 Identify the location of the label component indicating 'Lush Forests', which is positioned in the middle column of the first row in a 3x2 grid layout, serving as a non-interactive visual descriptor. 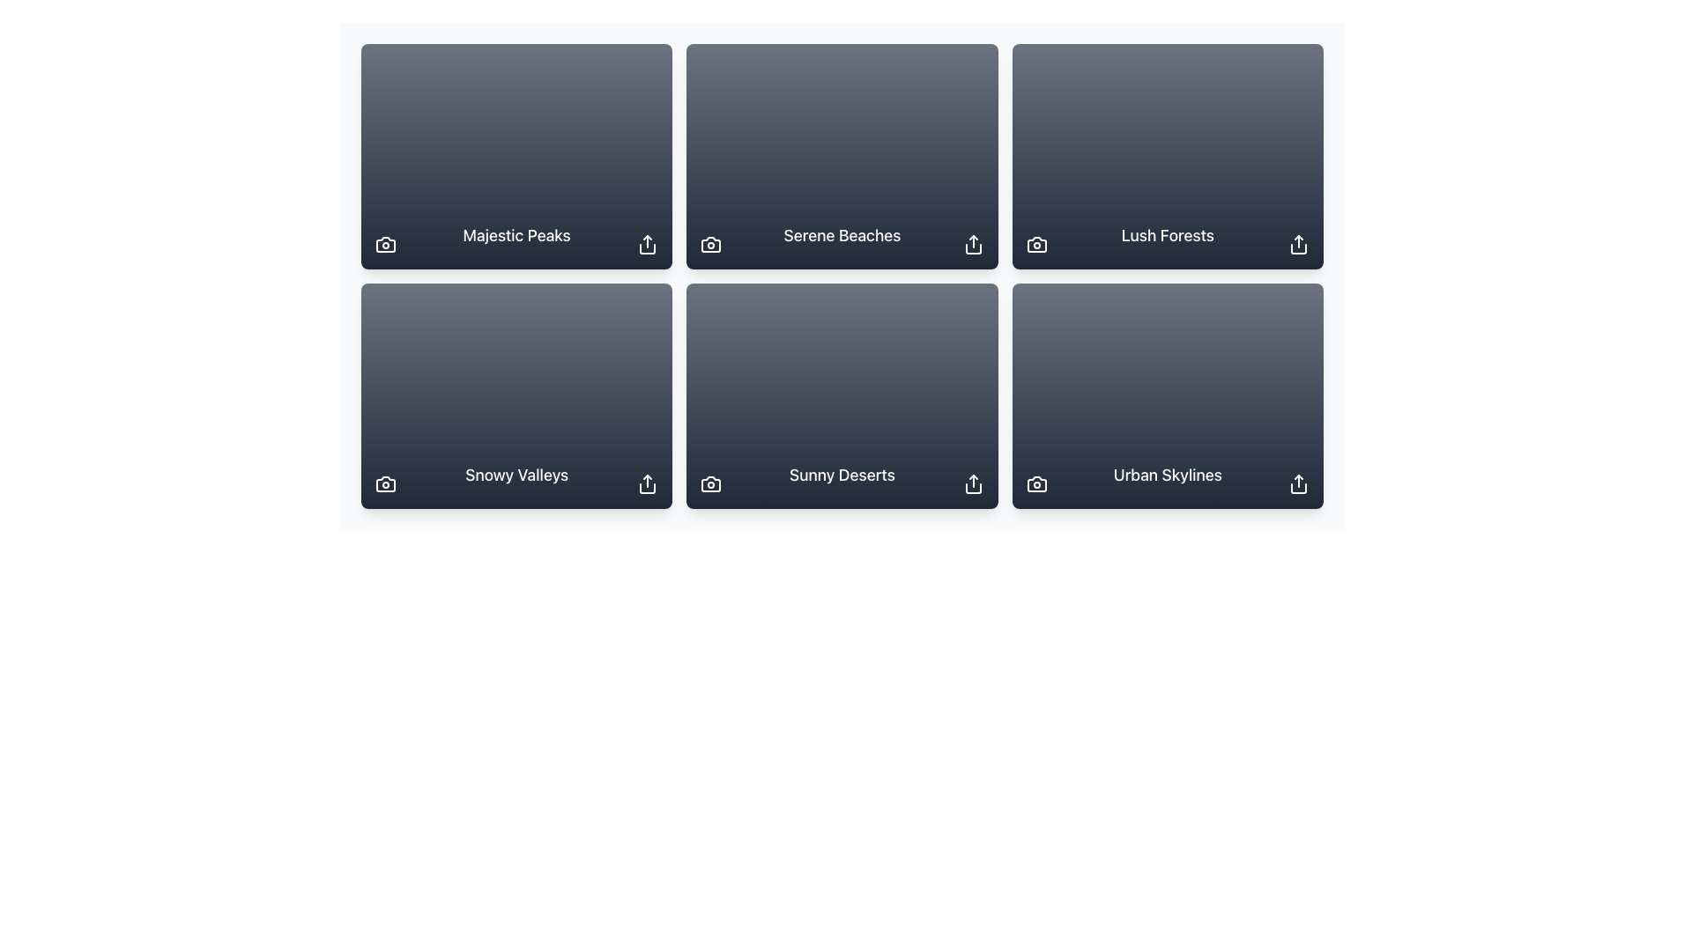
(1168, 247).